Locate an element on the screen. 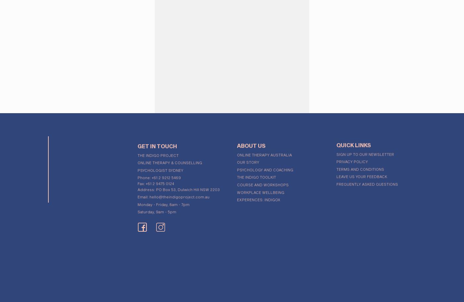 This screenshot has width=464, height=302. 'Email: hello@theindigoproject.com.au' is located at coordinates (173, 194).